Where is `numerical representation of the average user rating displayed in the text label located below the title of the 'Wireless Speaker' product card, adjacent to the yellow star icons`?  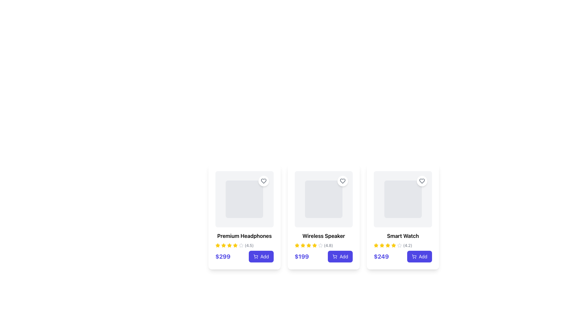 numerical representation of the average user rating displayed in the text label located below the title of the 'Wireless Speaker' product card, adjacent to the yellow star icons is located at coordinates (328, 245).